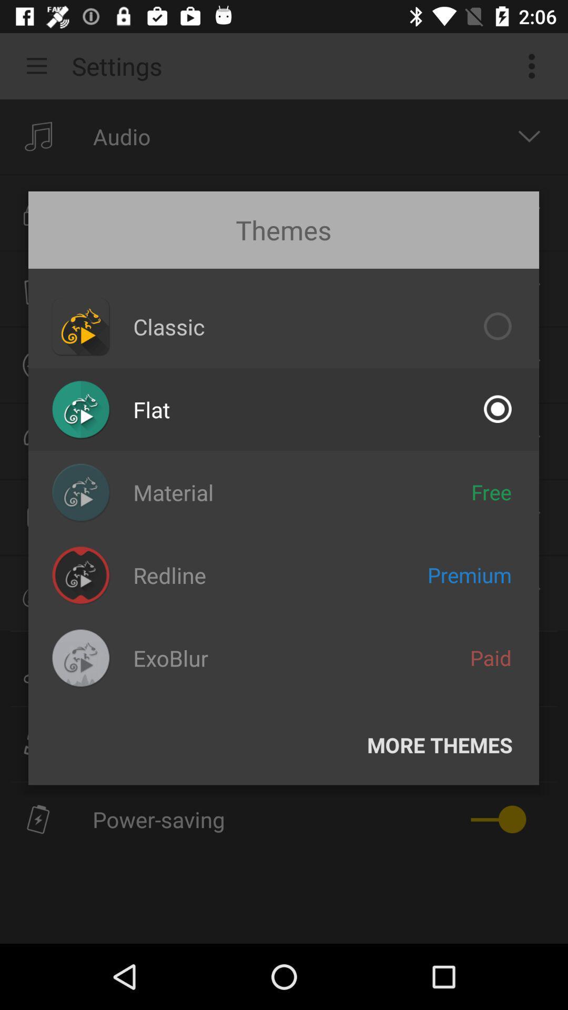  What do you see at coordinates (469, 574) in the screenshot?
I see `icon next to the redline` at bounding box center [469, 574].